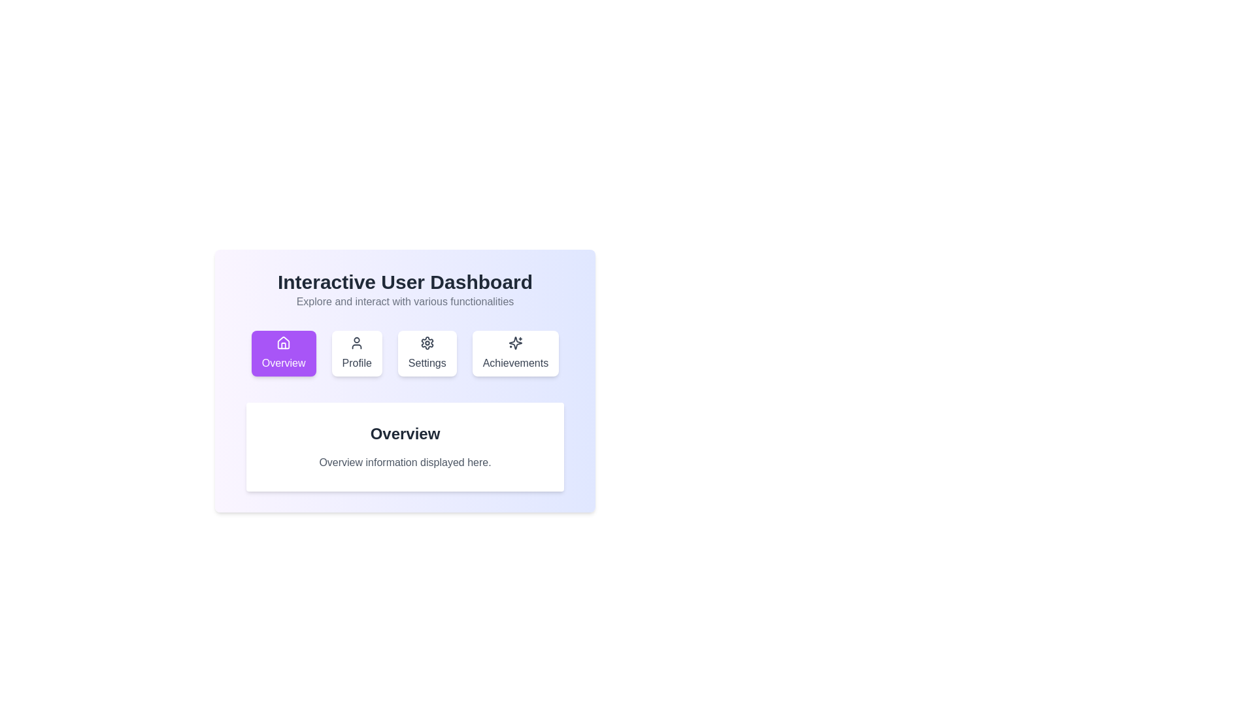 This screenshot has width=1255, height=706. Describe the element at coordinates (427, 363) in the screenshot. I see `the 'Settings' text label, which is a medium-weight dark gray font located below the gear icon and alongside other labels such as 'Overview' and 'Profile'` at that location.